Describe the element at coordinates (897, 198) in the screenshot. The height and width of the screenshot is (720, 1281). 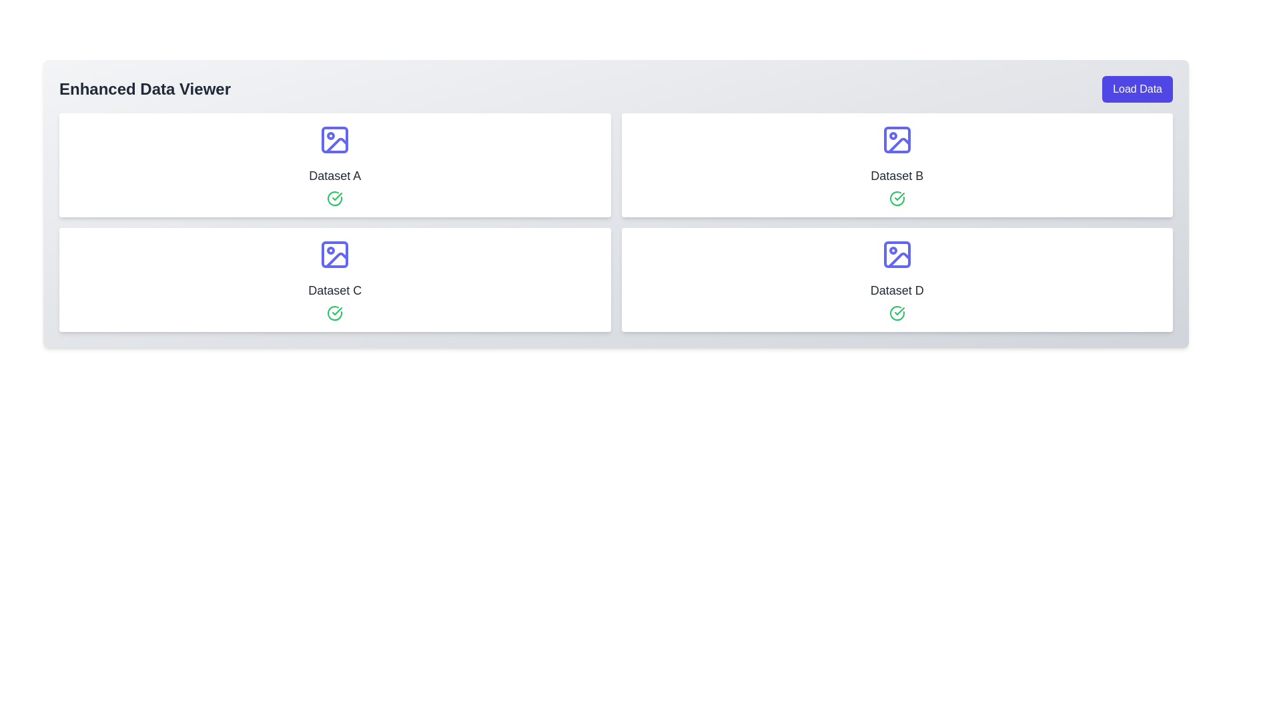
I see `the circular outer section of the checkmark icon indicating a completed status for 'Dataset B' located in the top-right quadrant of the layout` at that location.